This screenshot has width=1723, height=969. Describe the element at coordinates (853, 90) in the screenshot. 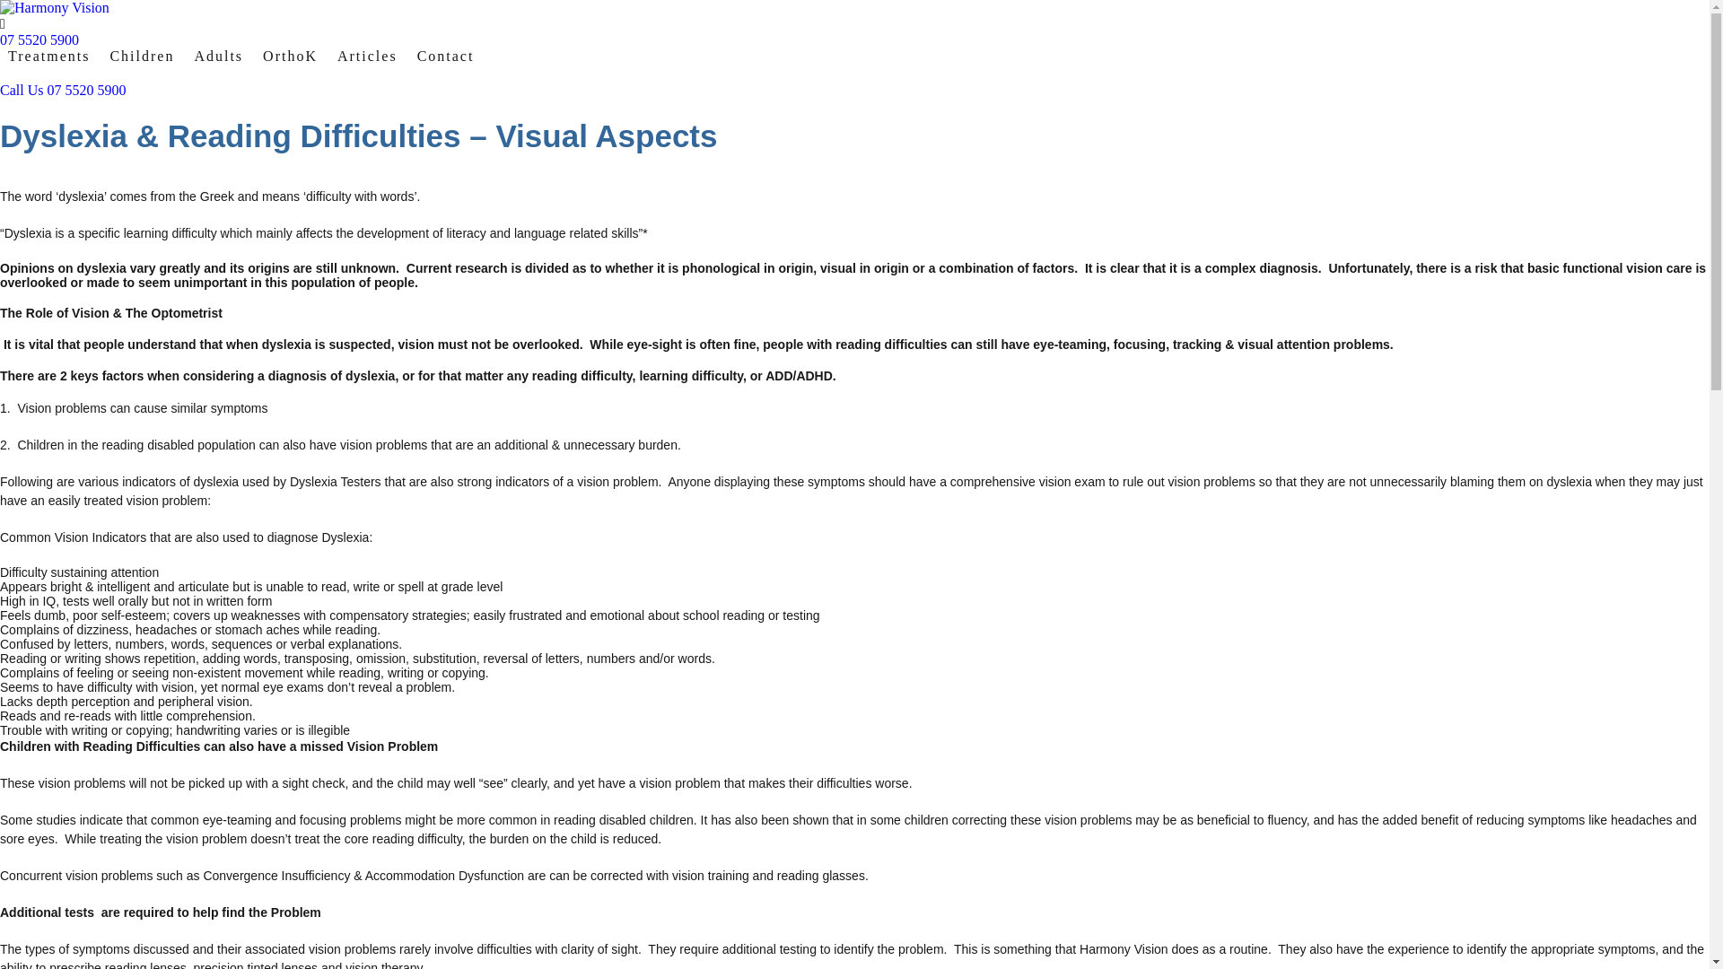

I see `'Call Us 07 5520 5900'` at that location.